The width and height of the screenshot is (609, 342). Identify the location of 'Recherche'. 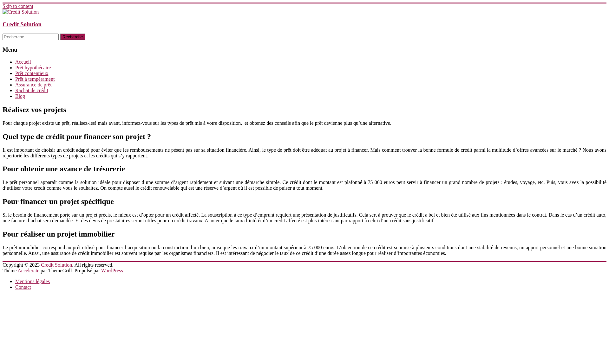
(73, 37).